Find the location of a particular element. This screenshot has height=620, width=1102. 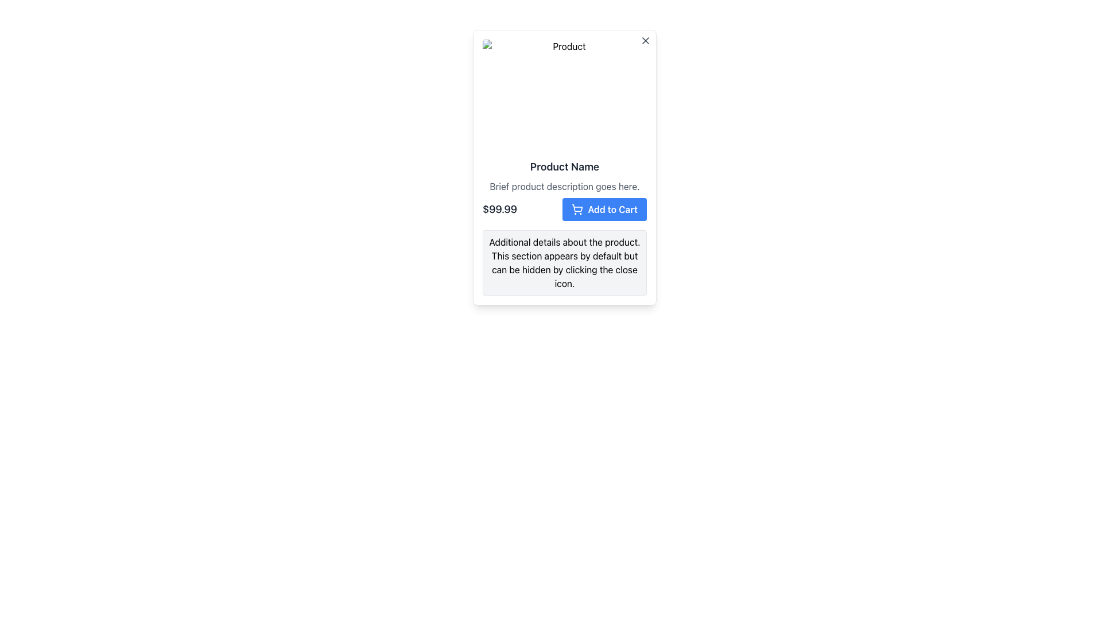

the product title text element located below the product image and above the brief product description is located at coordinates (564, 166).